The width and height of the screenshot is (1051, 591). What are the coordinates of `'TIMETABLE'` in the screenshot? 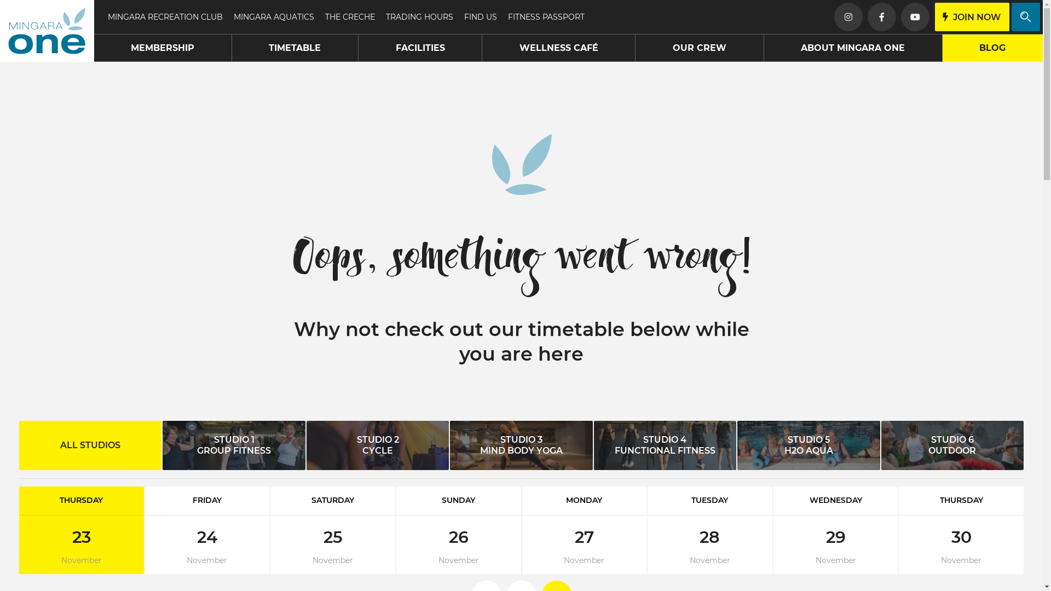 It's located at (295, 48).